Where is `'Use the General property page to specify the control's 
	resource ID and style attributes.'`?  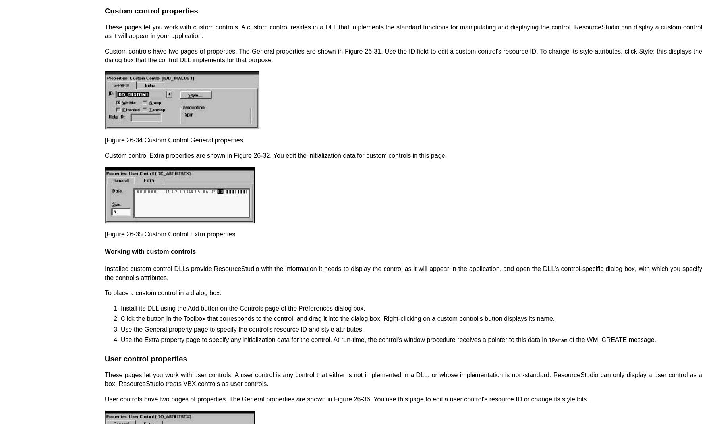 'Use the General property page to specify the control's 
	resource ID and style attributes.' is located at coordinates (120, 329).